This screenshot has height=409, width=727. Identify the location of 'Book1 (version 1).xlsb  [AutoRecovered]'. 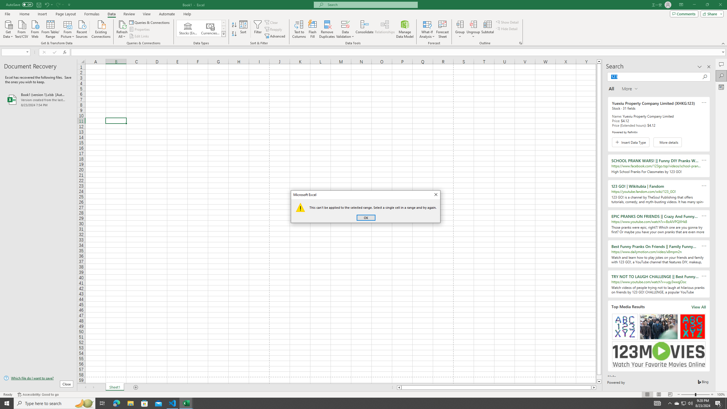
(38, 99).